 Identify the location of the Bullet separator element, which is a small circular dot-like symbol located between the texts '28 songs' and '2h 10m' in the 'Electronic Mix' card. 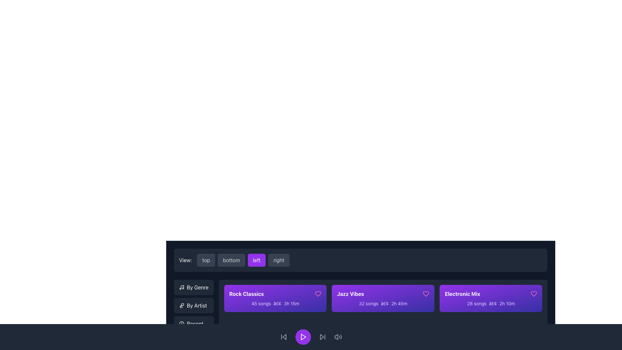
(492, 303).